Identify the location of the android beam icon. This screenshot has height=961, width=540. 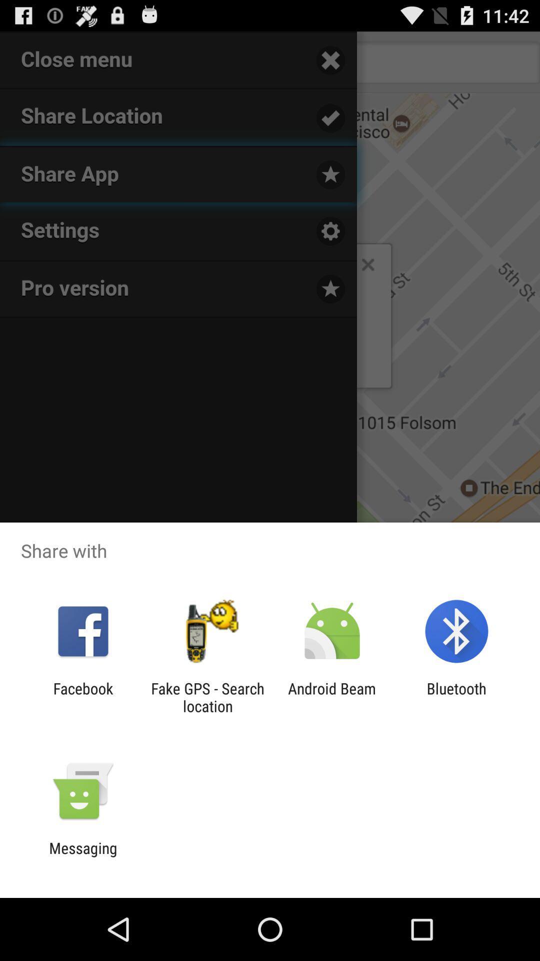
(332, 697).